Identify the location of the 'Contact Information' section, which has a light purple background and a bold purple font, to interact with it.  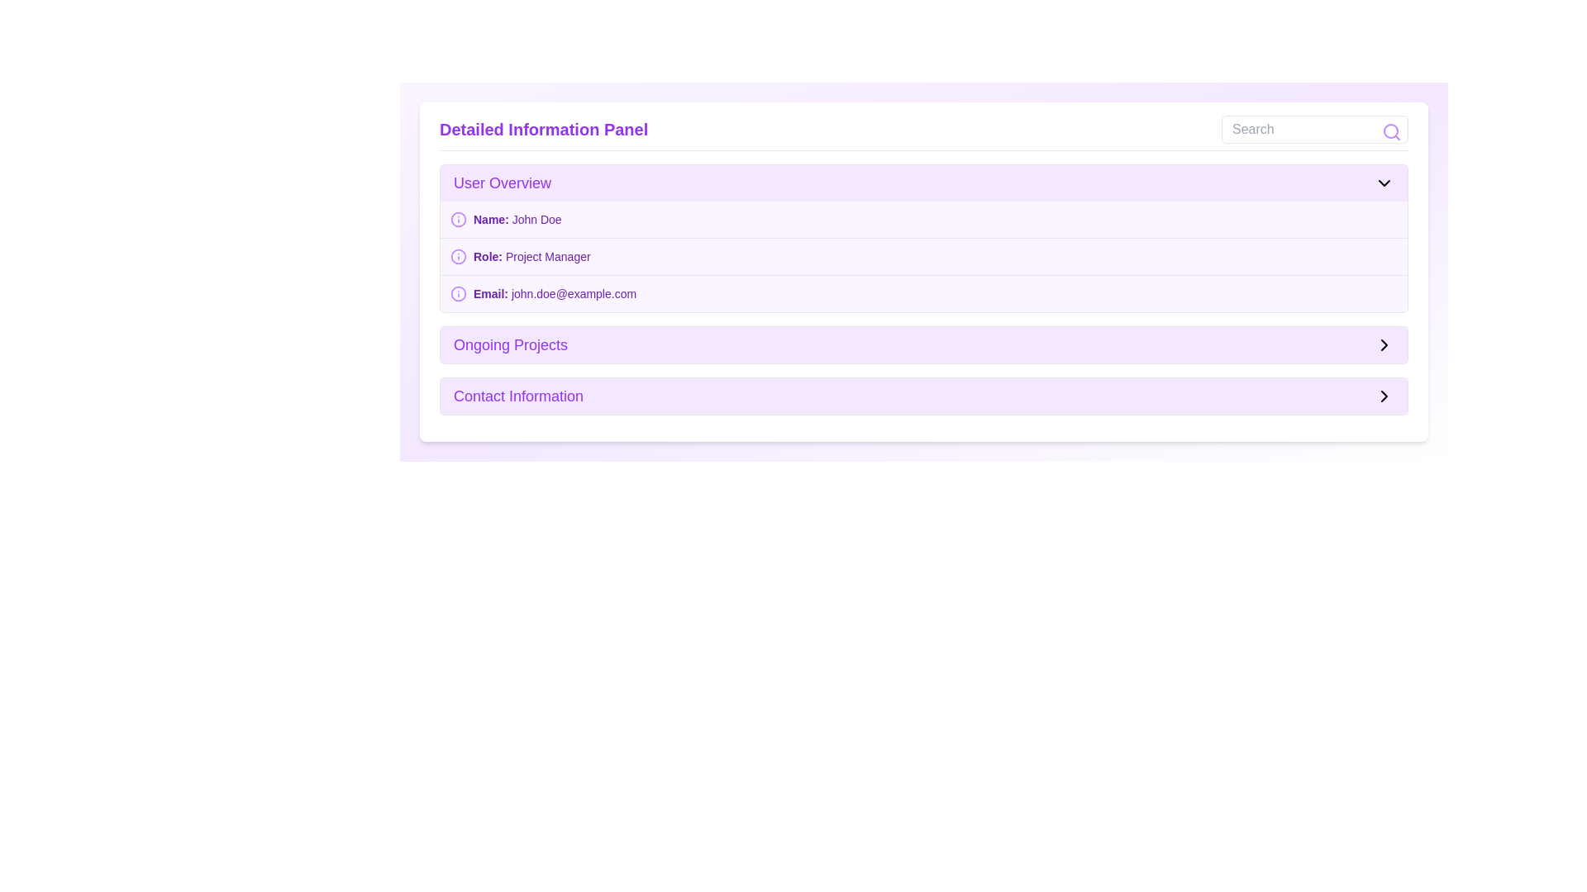
(923, 396).